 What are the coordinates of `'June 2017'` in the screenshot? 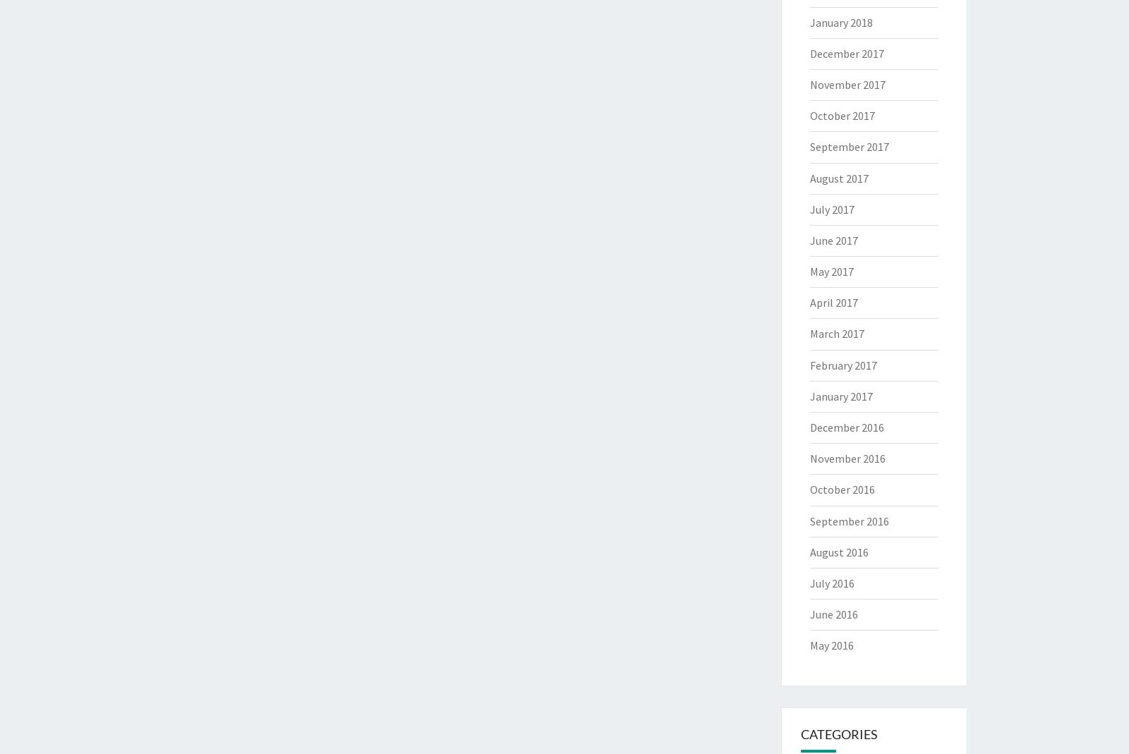 It's located at (833, 240).